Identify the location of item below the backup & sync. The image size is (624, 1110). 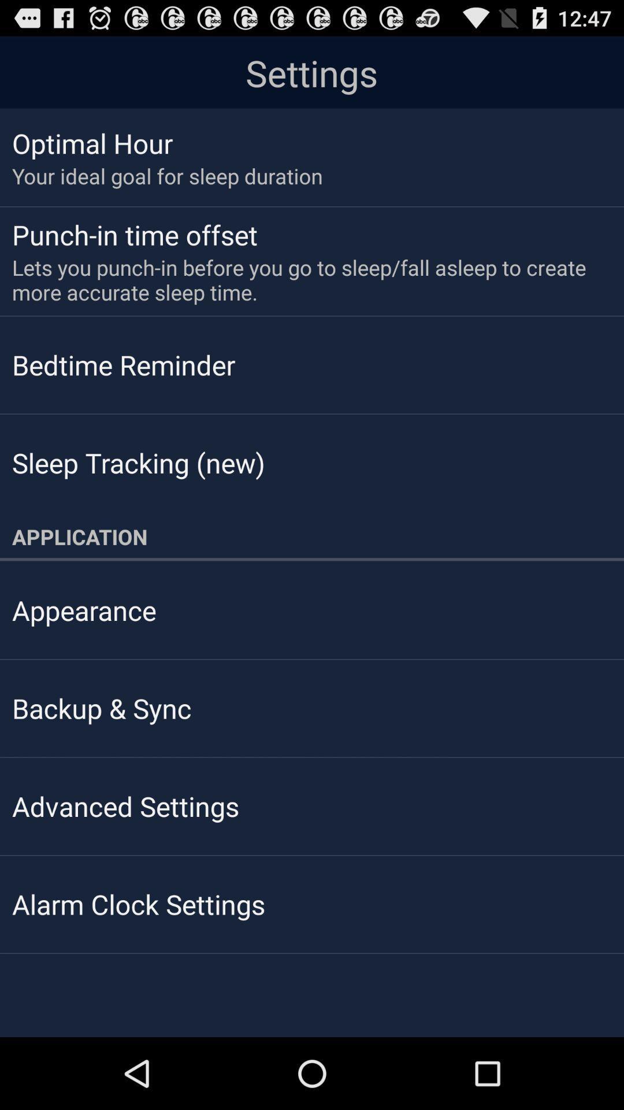
(125, 805).